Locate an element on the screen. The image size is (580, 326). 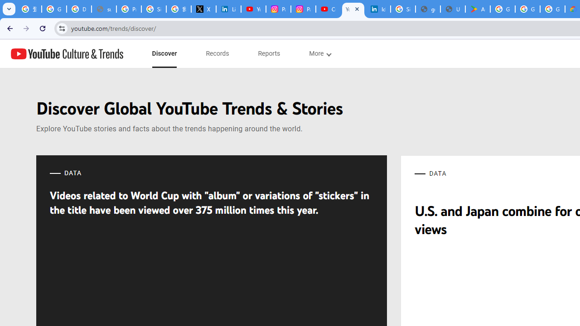
'subnav-More menupopup' is located at coordinates (320, 53).